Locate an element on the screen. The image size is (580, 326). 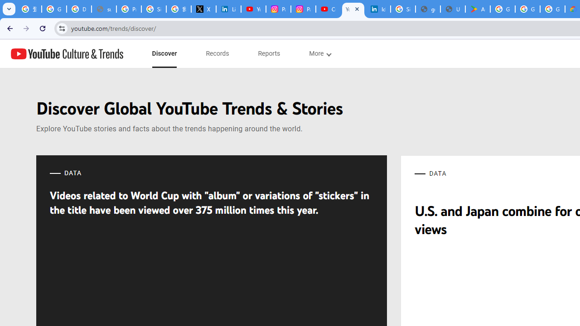
'subnav-More menupopup' is located at coordinates (320, 53).